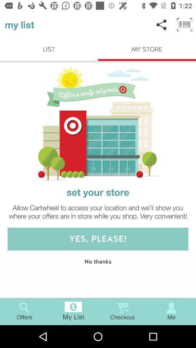 This screenshot has width=196, height=348. What do you see at coordinates (184, 25) in the screenshot?
I see `the button next to share` at bounding box center [184, 25].